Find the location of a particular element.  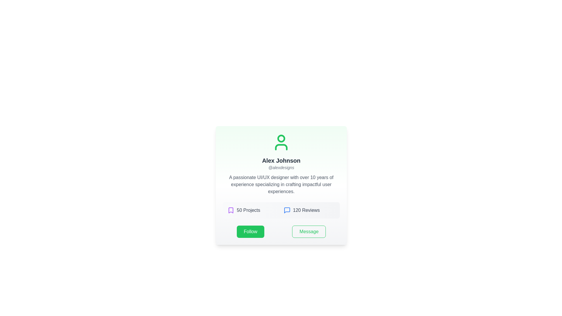

the 'Message' button with a green border and text is located at coordinates (309, 231).